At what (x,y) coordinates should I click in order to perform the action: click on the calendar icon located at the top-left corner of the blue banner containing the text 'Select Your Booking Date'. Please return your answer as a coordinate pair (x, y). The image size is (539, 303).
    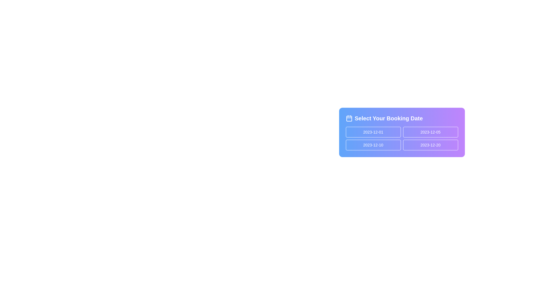
    Looking at the image, I should click on (349, 118).